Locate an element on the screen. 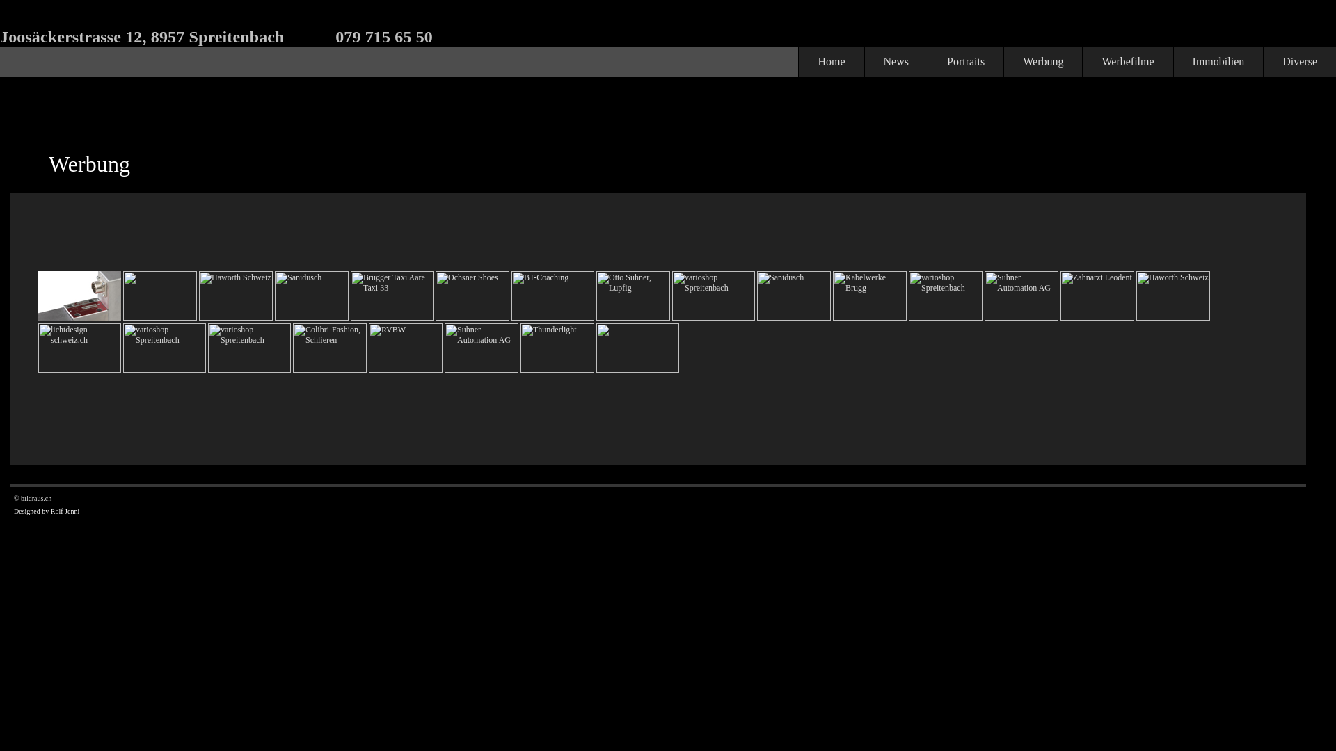 This screenshot has width=1336, height=751. 'Werbung' is located at coordinates (1042, 60).